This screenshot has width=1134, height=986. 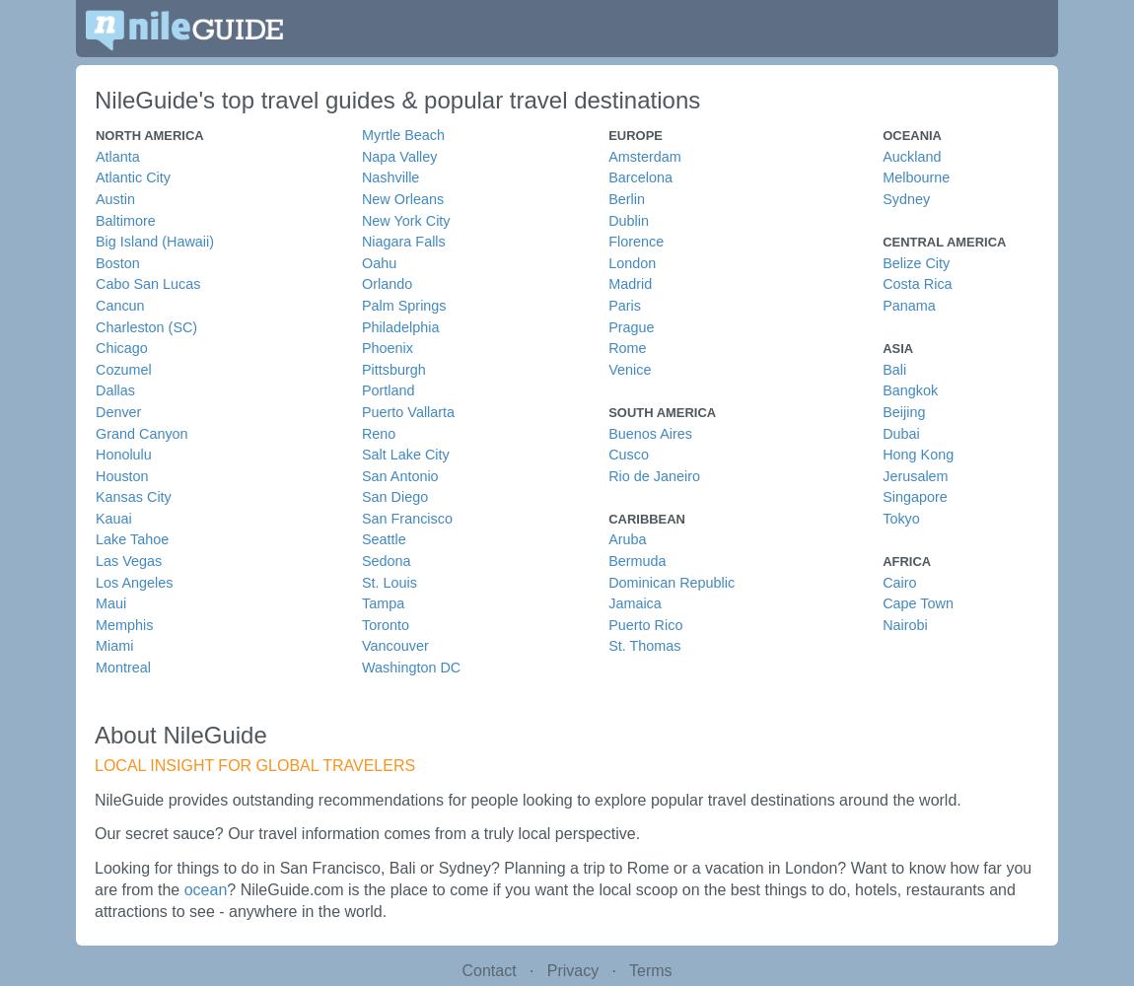 I want to click on 'ocean', so click(x=204, y=888).